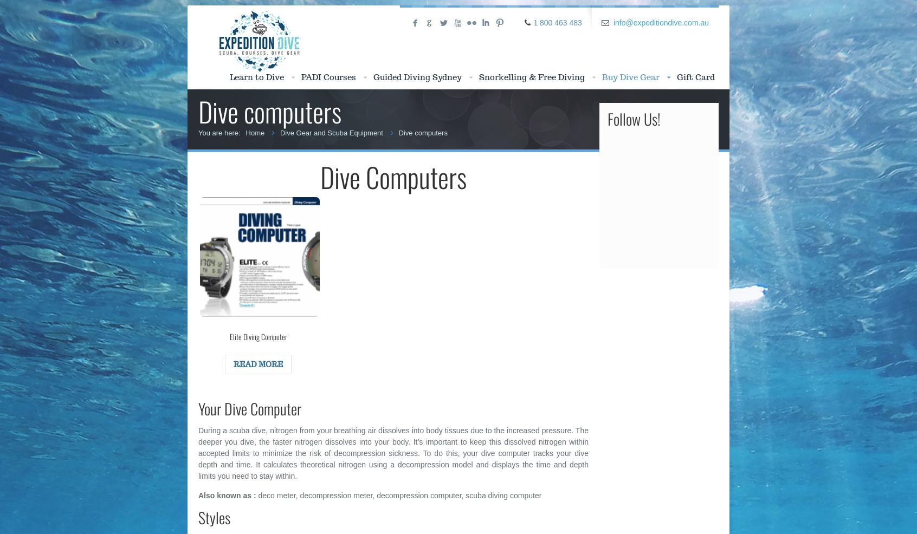 Image resolution: width=917 pixels, height=534 pixels. I want to click on '1 800 463 483', so click(557, 22).